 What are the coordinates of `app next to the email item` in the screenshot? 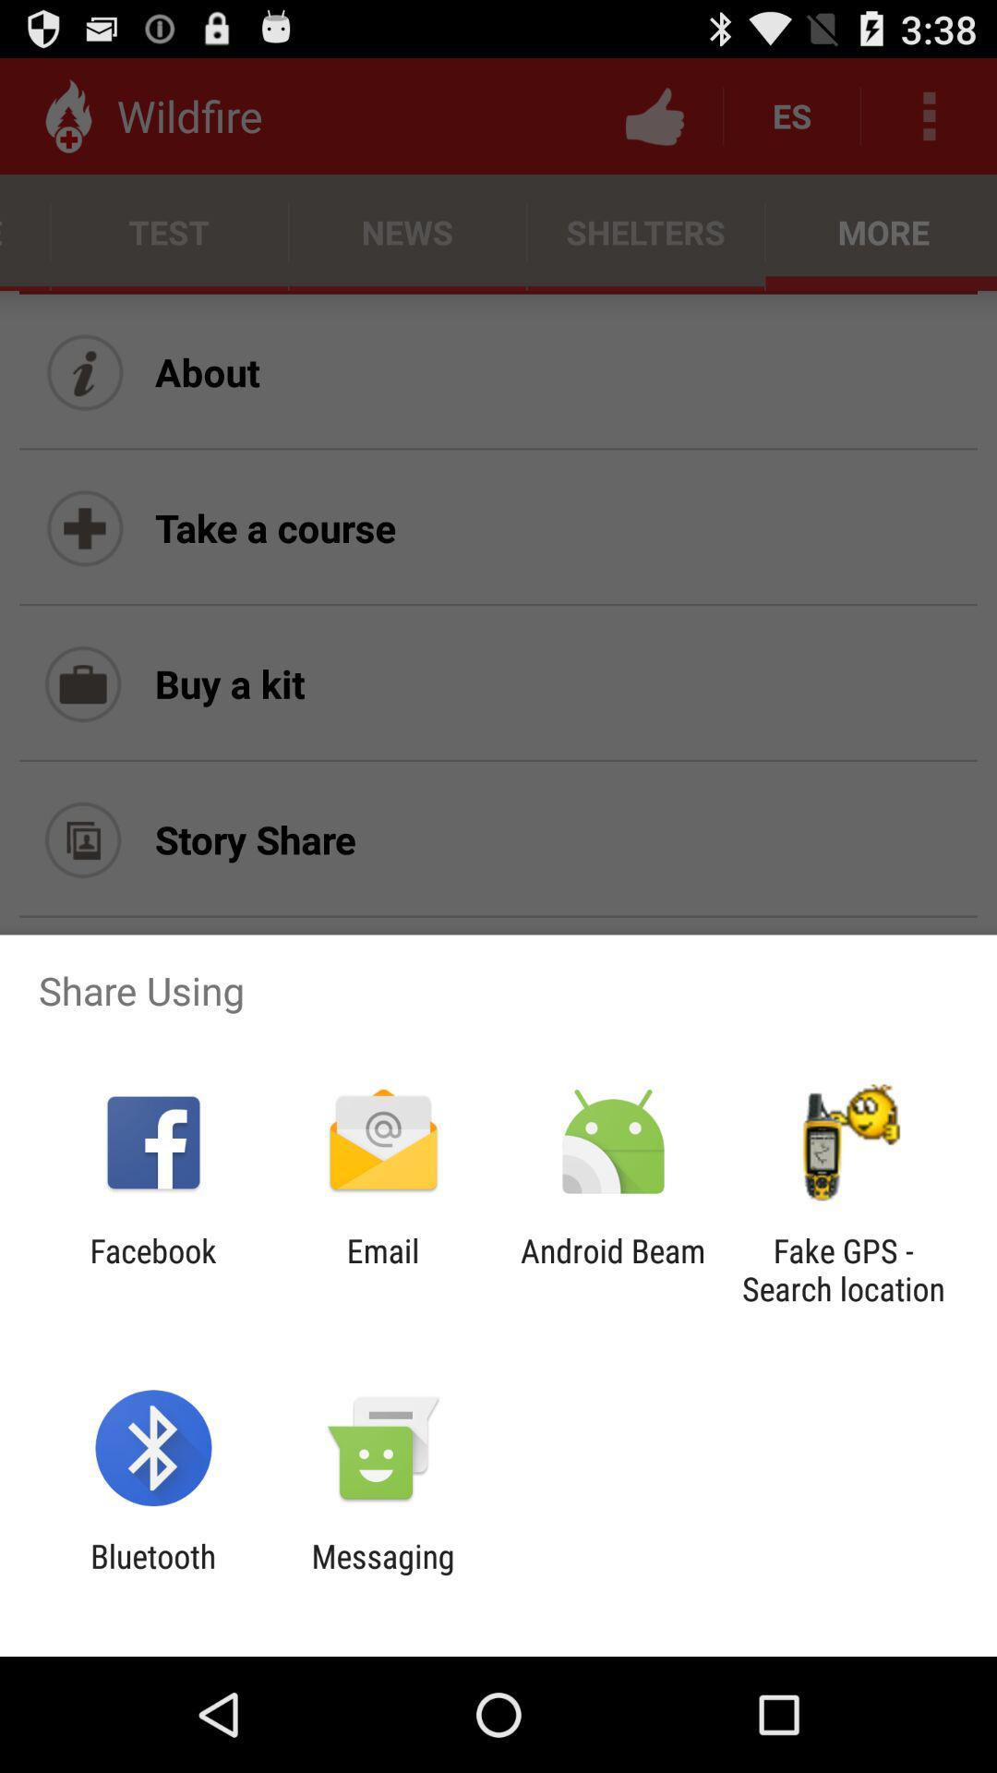 It's located at (152, 1269).